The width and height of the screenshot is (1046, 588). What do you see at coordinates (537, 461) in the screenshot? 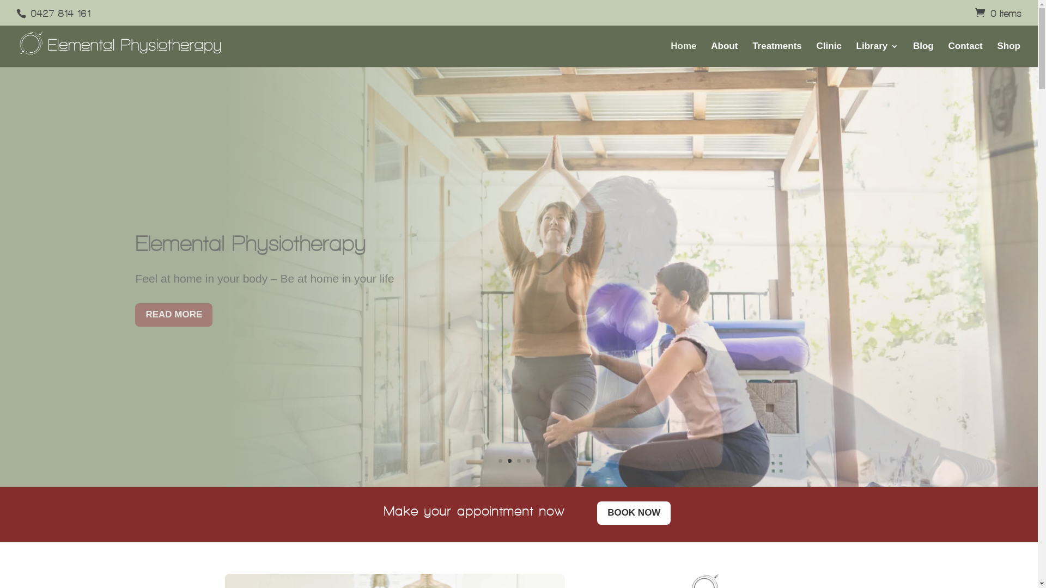
I see `'5'` at bounding box center [537, 461].